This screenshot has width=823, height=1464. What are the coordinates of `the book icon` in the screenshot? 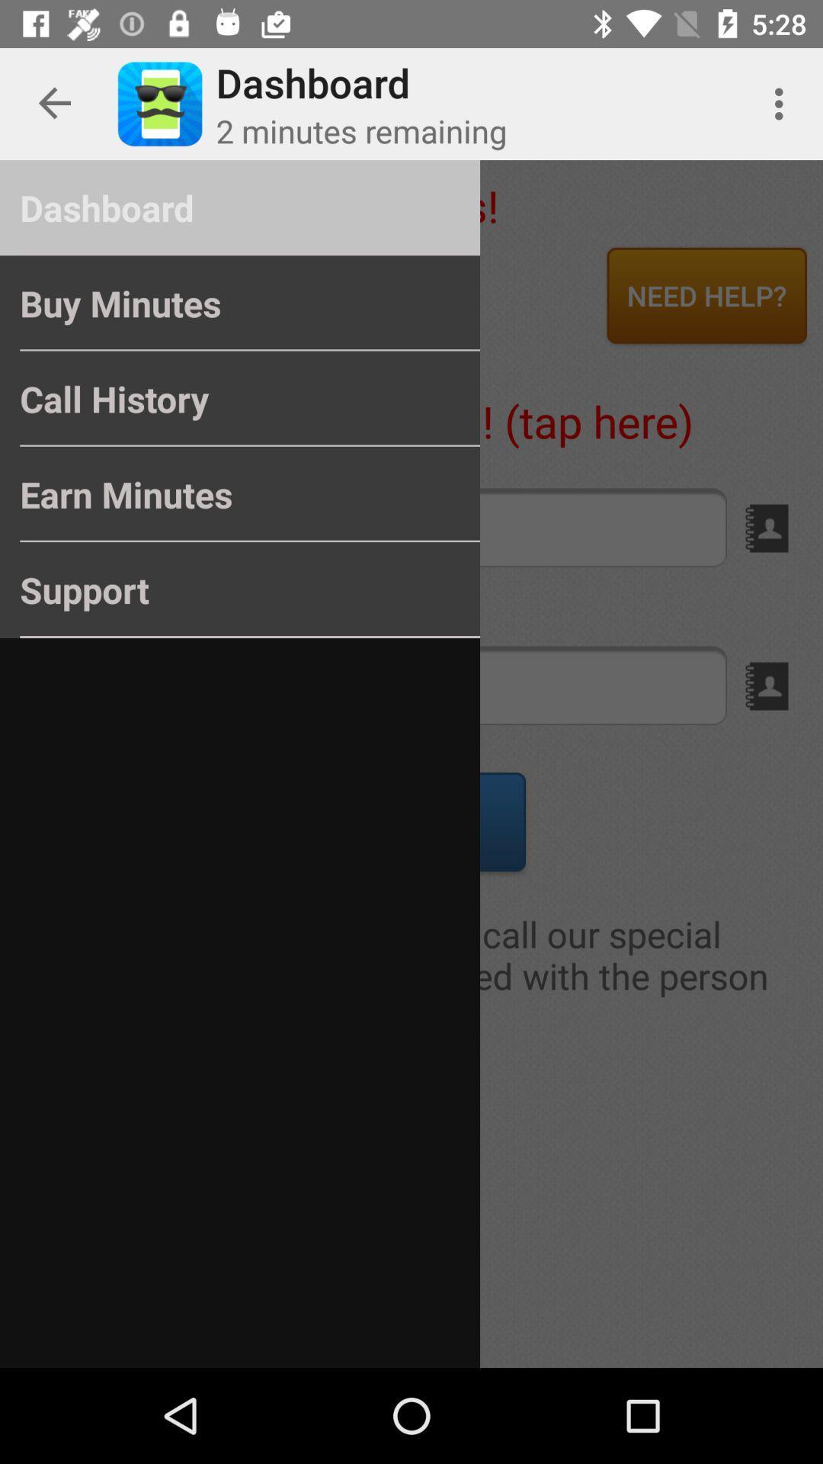 It's located at (767, 685).